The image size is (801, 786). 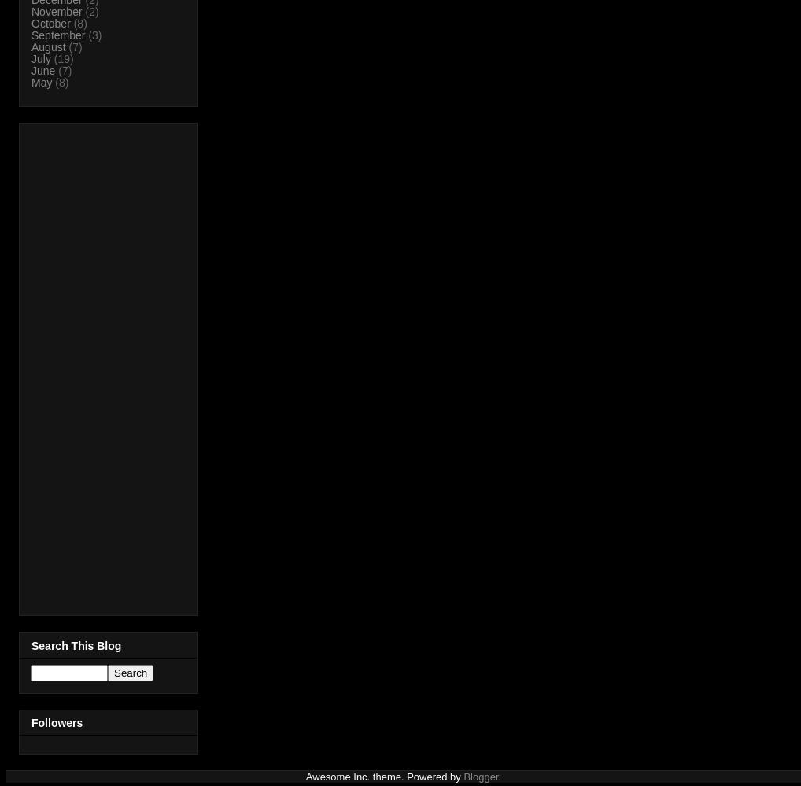 What do you see at coordinates (480, 776) in the screenshot?
I see `'Blogger'` at bounding box center [480, 776].